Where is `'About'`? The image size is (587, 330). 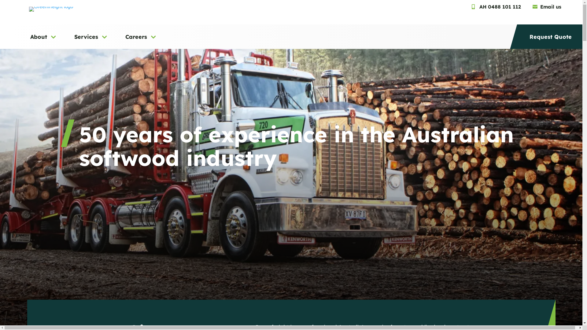 'About' is located at coordinates (43, 40).